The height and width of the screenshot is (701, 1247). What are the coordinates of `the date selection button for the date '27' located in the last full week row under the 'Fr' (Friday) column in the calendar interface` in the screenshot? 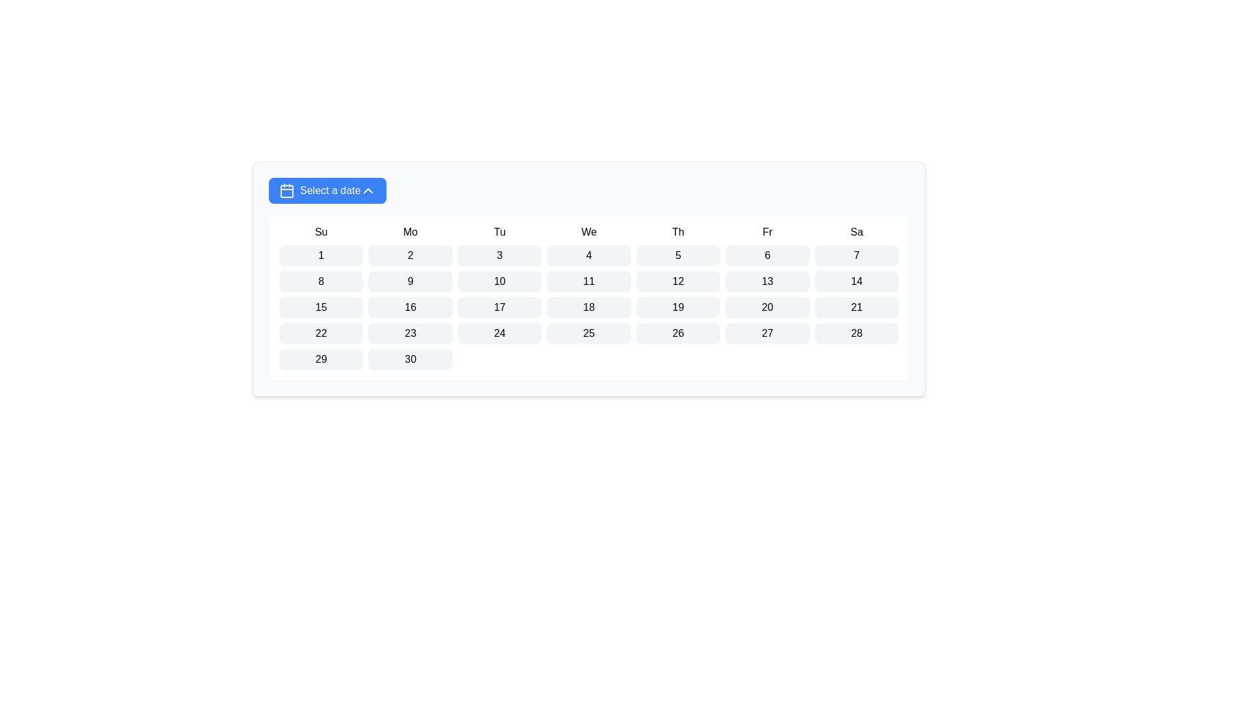 It's located at (767, 332).